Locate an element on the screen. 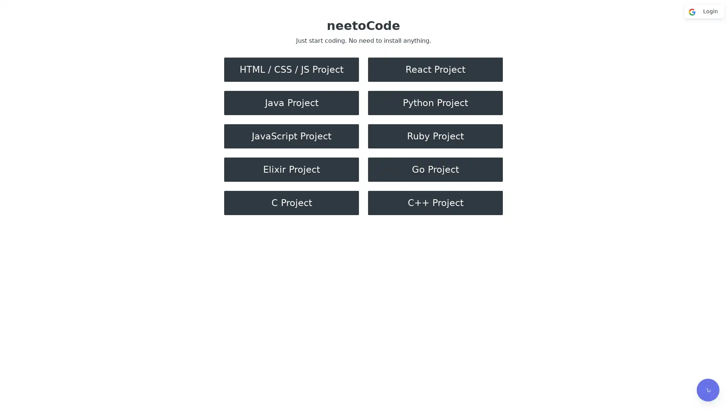 The image size is (727, 409). Java Project is located at coordinates (291, 103).